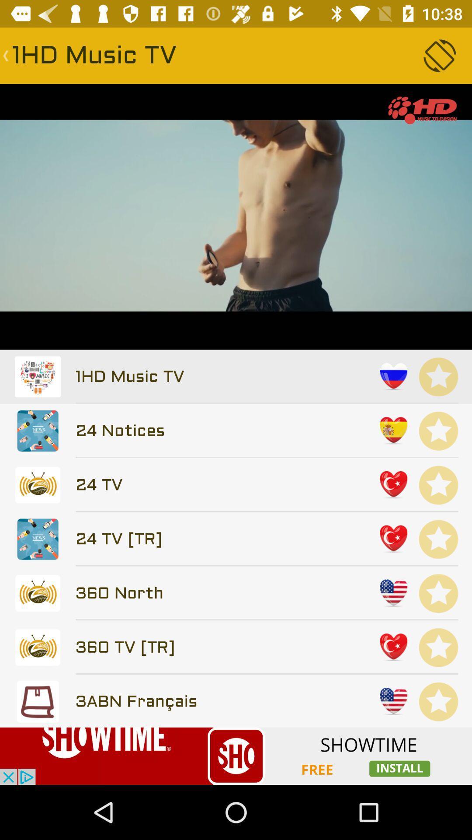  I want to click on details about advertisement, so click(236, 756).